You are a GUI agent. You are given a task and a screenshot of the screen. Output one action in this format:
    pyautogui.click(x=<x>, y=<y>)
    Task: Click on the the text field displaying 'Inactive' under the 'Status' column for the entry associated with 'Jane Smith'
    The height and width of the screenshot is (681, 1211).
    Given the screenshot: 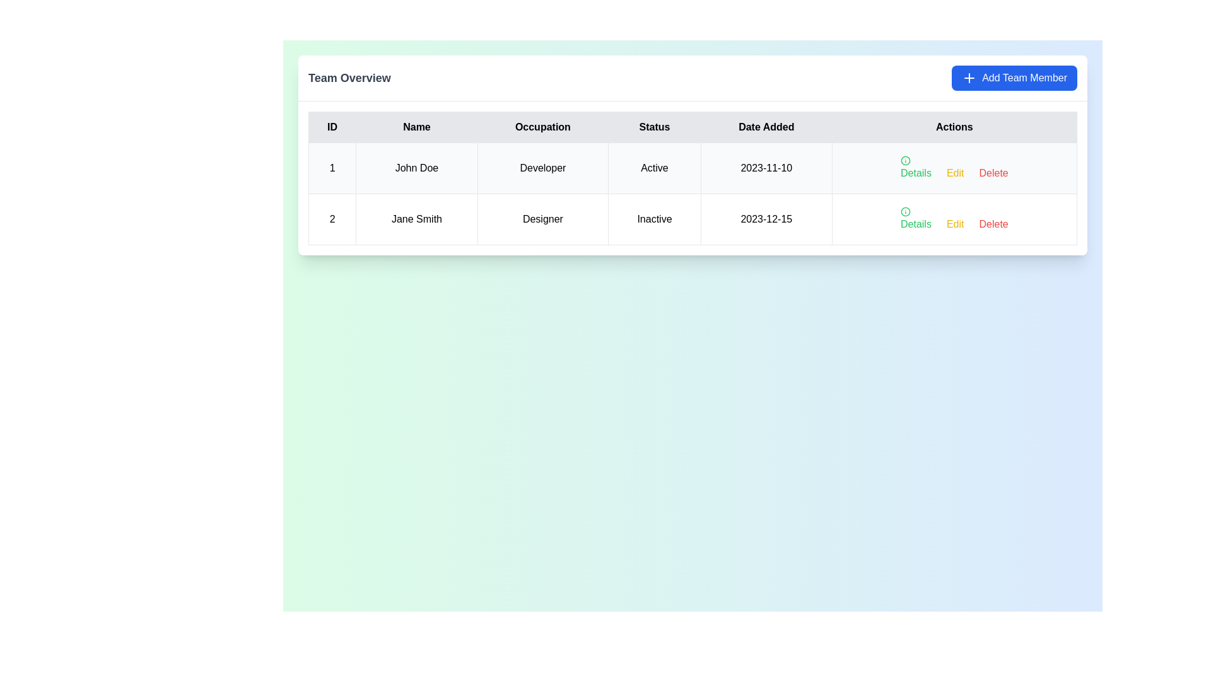 What is the action you would take?
    pyautogui.click(x=654, y=218)
    